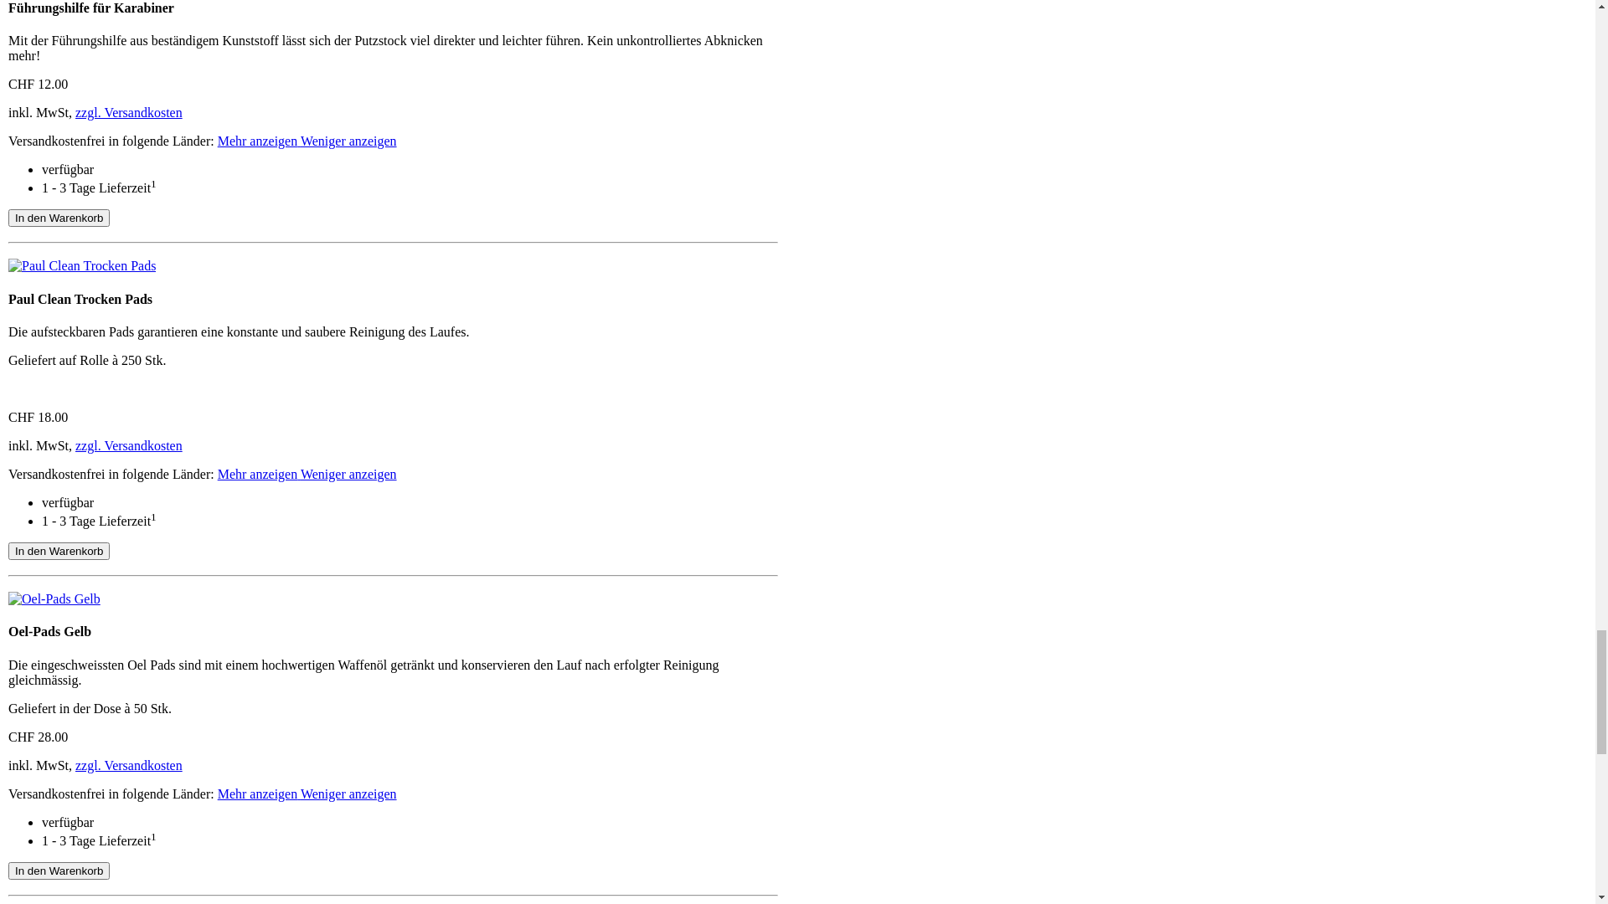 The image size is (1608, 904). What do you see at coordinates (57, 37) in the screenshot?
I see `'Produkte'` at bounding box center [57, 37].